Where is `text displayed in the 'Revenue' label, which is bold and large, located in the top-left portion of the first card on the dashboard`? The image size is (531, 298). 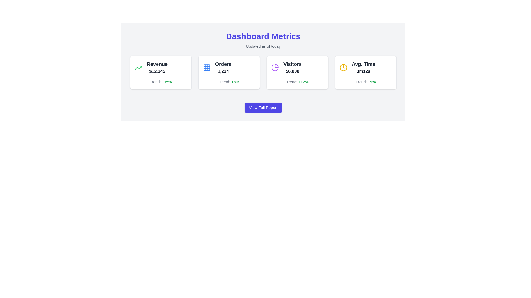
text displayed in the 'Revenue' label, which is bold and large, located in the top-left portion of the first card on the dashboard is located at coordinates (157, 64).